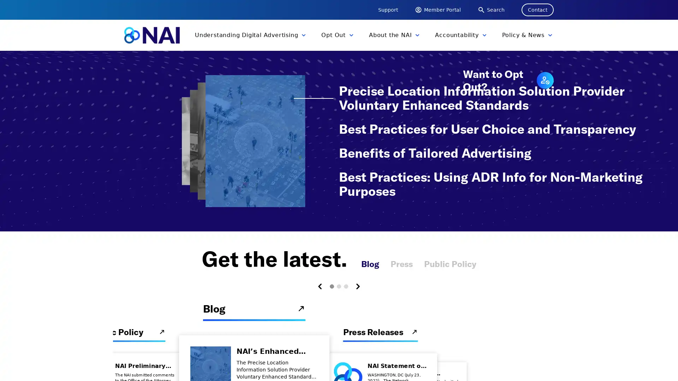 The width and height of the screenshot is (678, 381). I want to click on Blog, so click(369, 264).